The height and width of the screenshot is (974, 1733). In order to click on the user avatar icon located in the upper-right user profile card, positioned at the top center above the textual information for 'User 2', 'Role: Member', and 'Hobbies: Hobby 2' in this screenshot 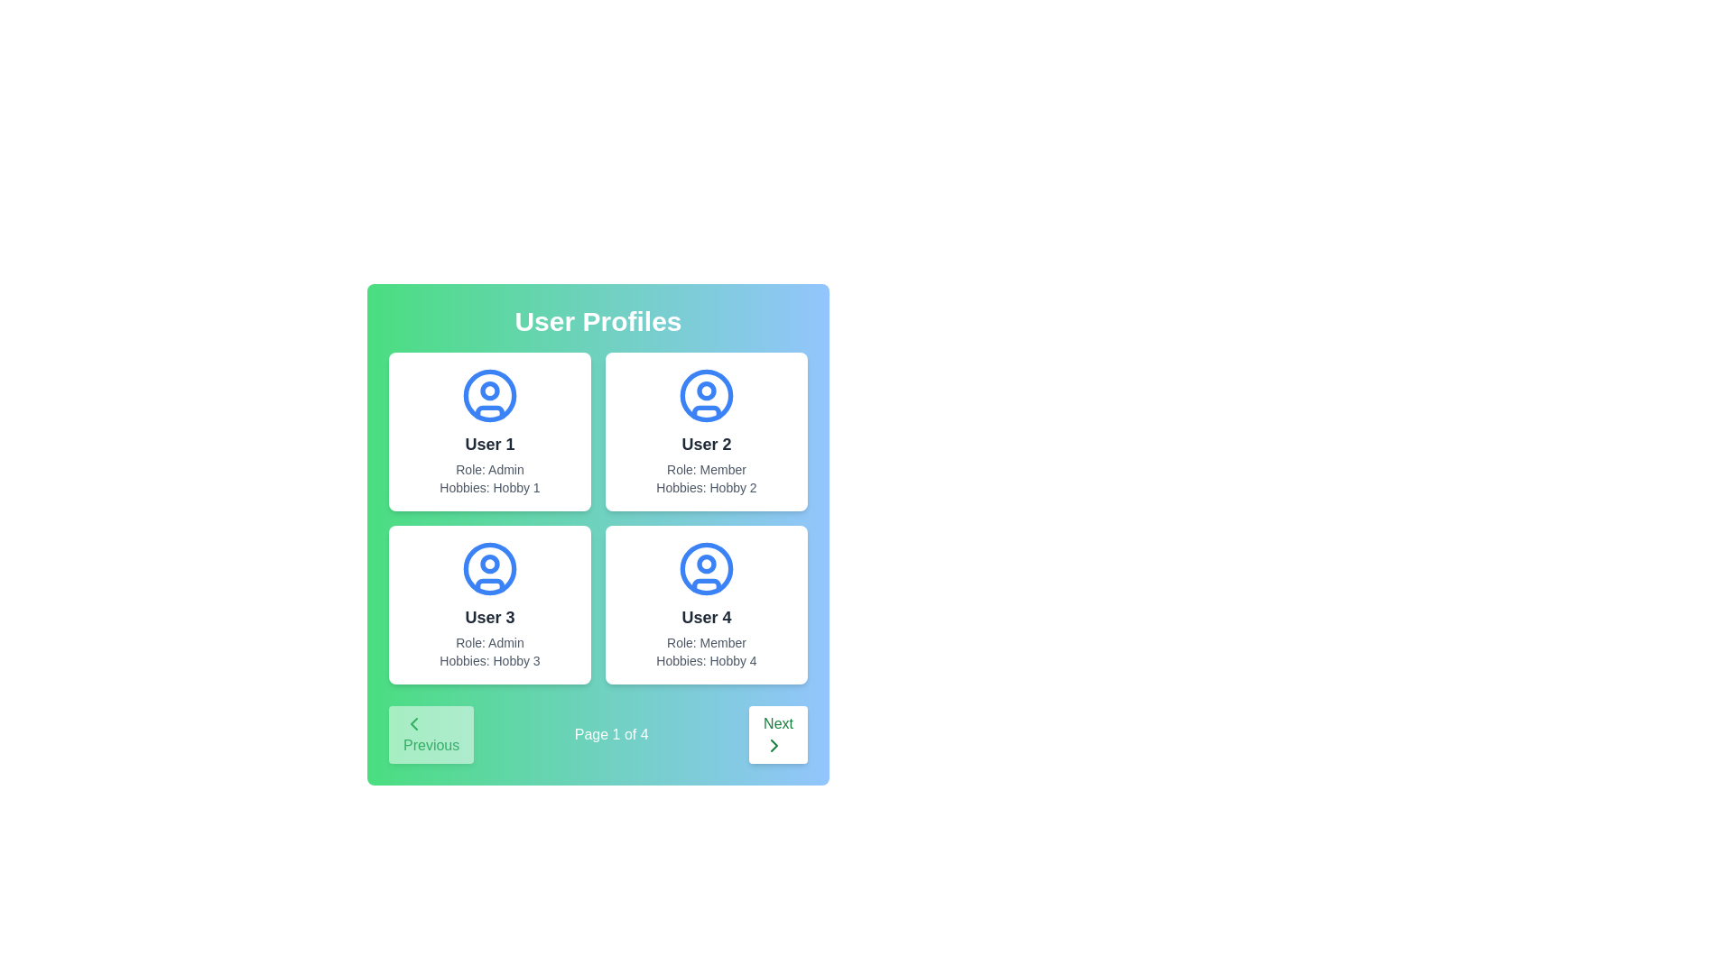, I will do `click(705, 395)`.